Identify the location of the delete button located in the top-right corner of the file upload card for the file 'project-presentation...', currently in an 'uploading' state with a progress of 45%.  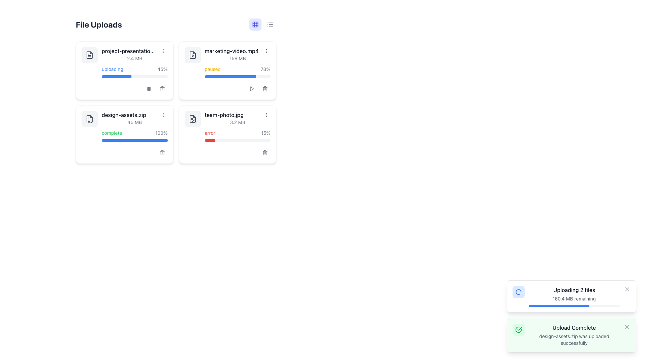
(162, 88).